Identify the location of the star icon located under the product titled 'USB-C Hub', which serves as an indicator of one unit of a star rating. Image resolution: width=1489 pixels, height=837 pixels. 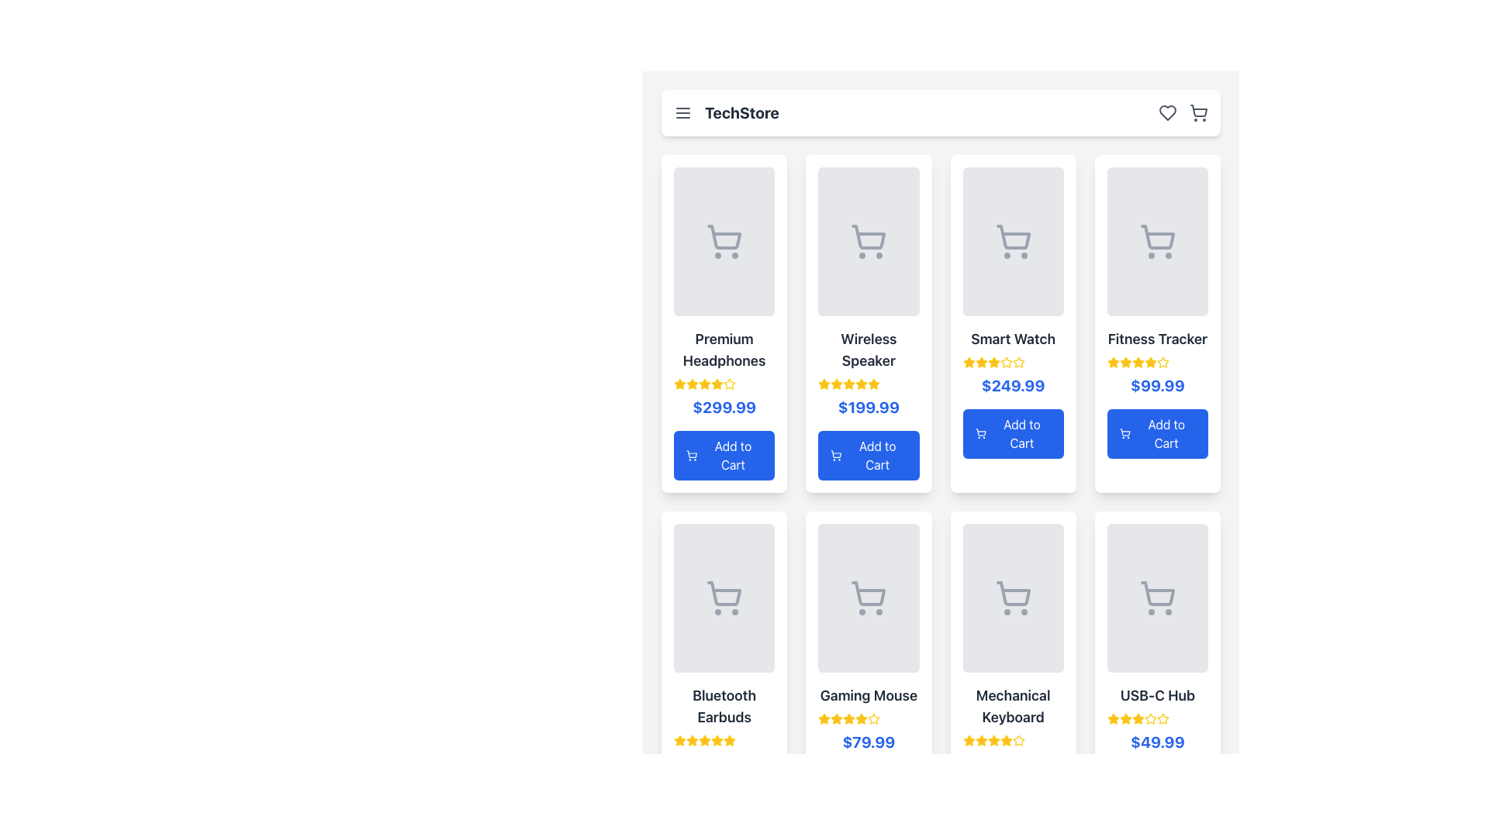
(1112, 718).